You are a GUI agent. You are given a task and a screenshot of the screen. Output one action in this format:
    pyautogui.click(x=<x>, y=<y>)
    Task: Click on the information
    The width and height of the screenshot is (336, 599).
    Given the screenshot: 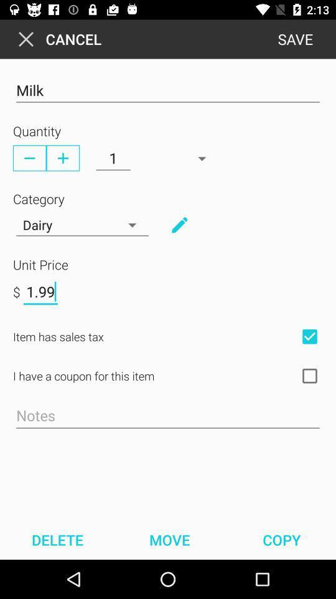 What is the action you would take?
    pyautogui.click(x=179, y=225)
    